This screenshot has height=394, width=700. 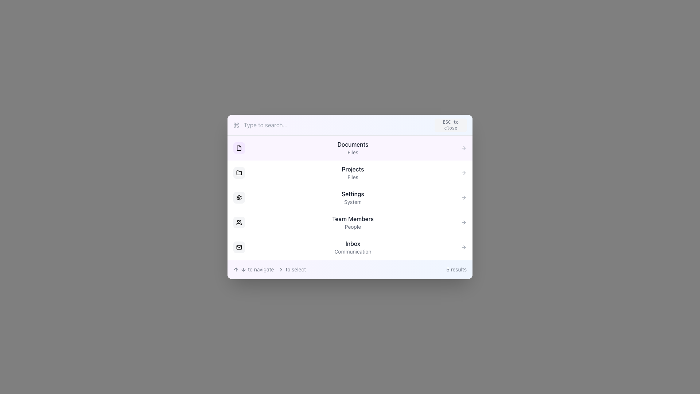 I want to click on the inner rectangular shape of the envelope icon, which represents the inbox or messaging, located at the bottom of the navigation icons on the left side of the user interface, so click(x=239, y=247).